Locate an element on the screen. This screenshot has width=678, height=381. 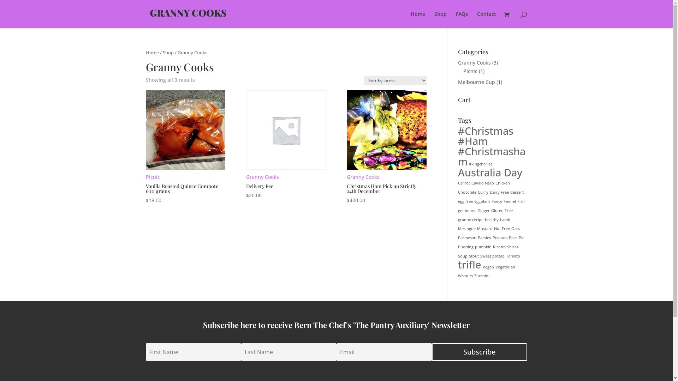
'Eggplant' is located at coordinates (482, 201).